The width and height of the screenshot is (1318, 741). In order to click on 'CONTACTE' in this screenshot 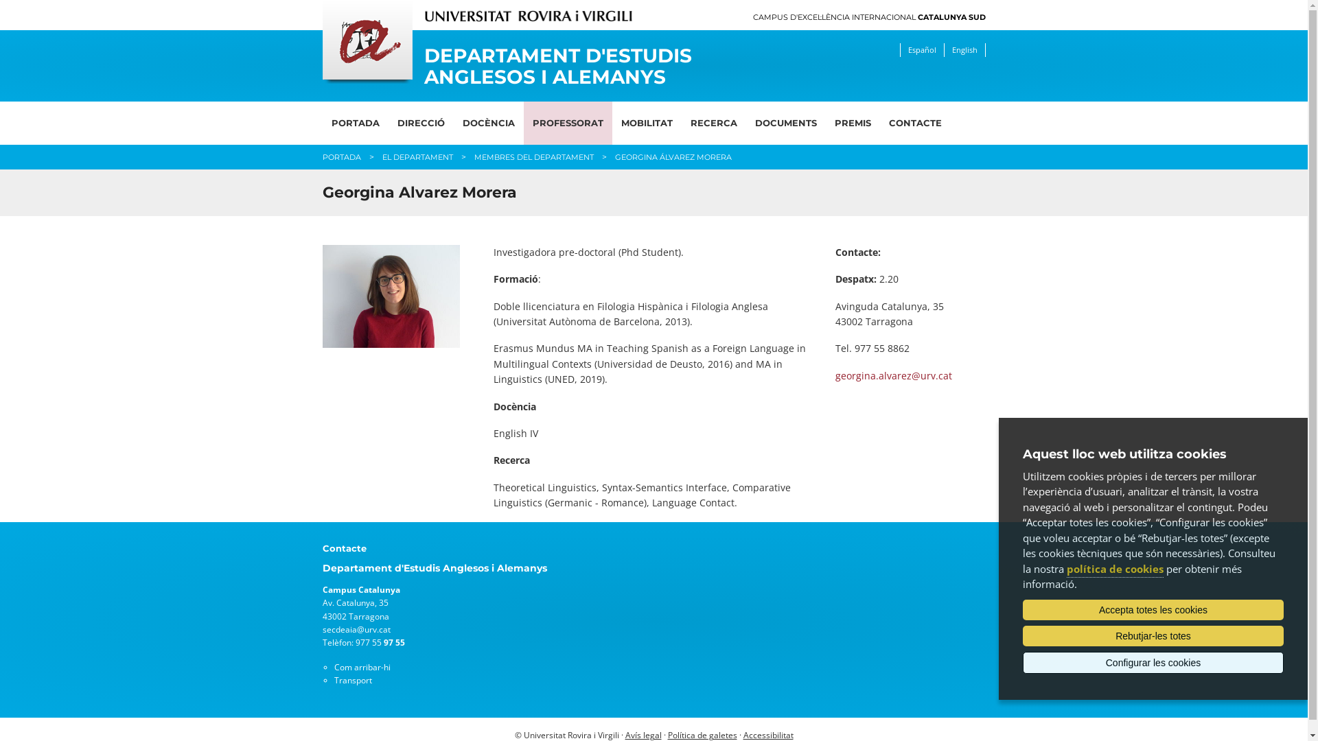, I will do `click(915, 122)`.